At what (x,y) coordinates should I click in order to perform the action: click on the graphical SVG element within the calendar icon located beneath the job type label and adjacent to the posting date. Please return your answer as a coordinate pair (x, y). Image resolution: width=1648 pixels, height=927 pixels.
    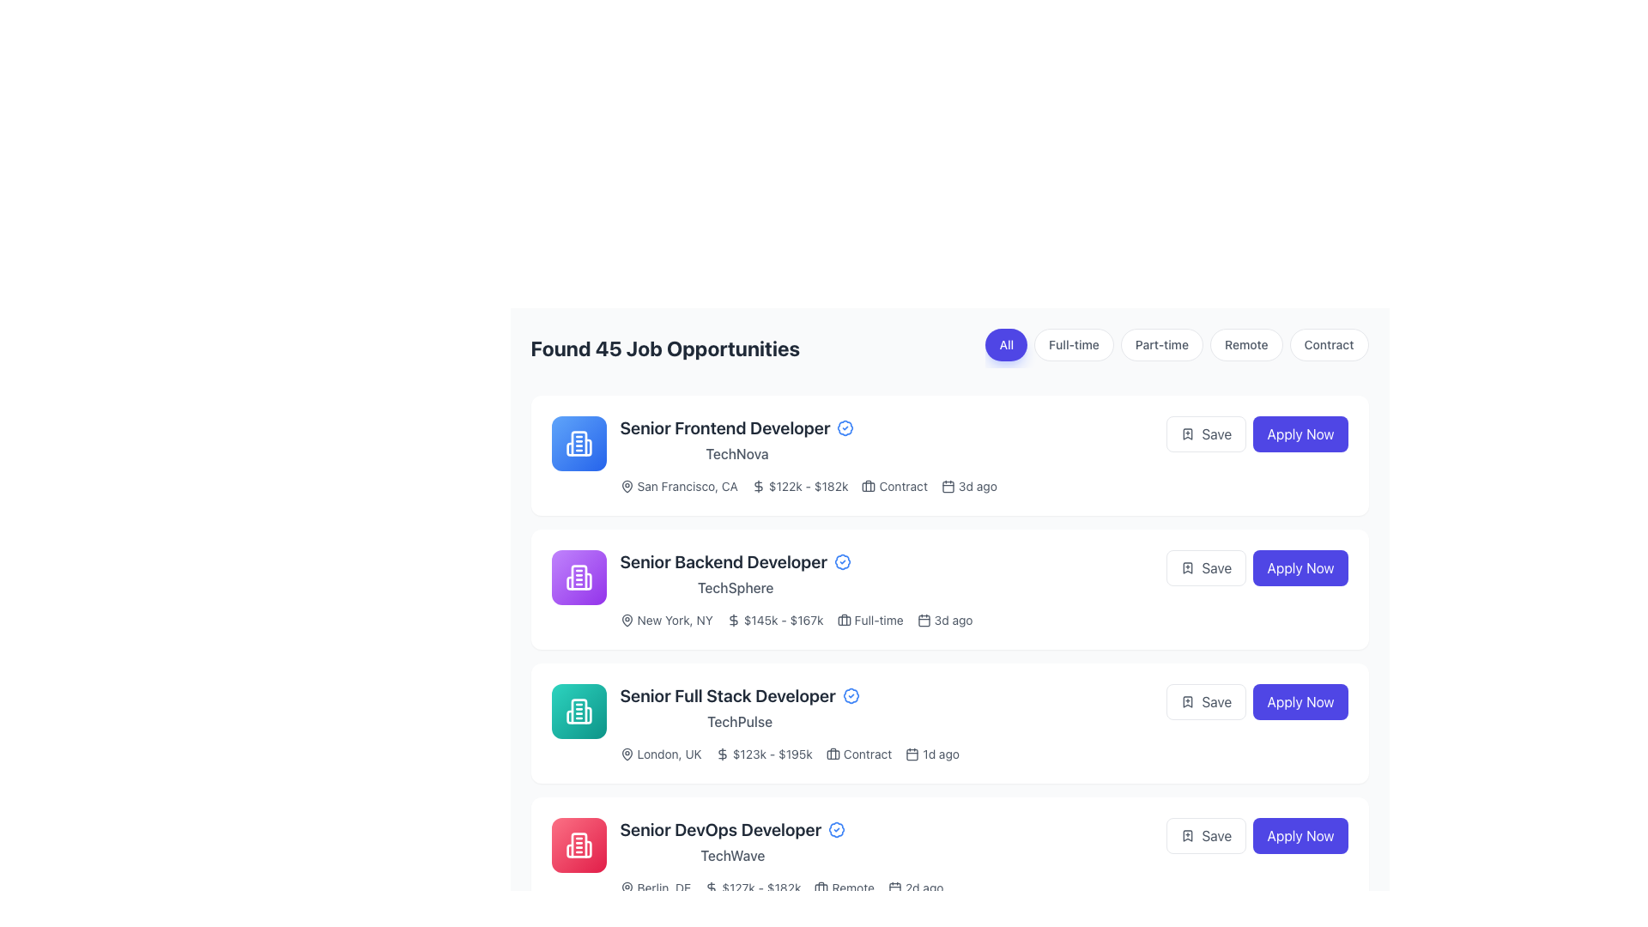
    Looking at the image, I should click on (923, 621).